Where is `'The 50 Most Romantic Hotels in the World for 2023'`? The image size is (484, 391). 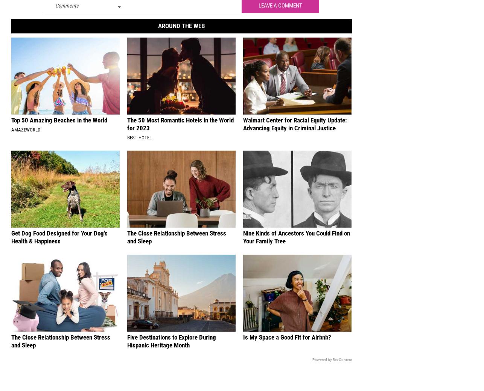
'The 50 Most Romantic Hotels in the World for 2023' is located at coordinates (180, 129).